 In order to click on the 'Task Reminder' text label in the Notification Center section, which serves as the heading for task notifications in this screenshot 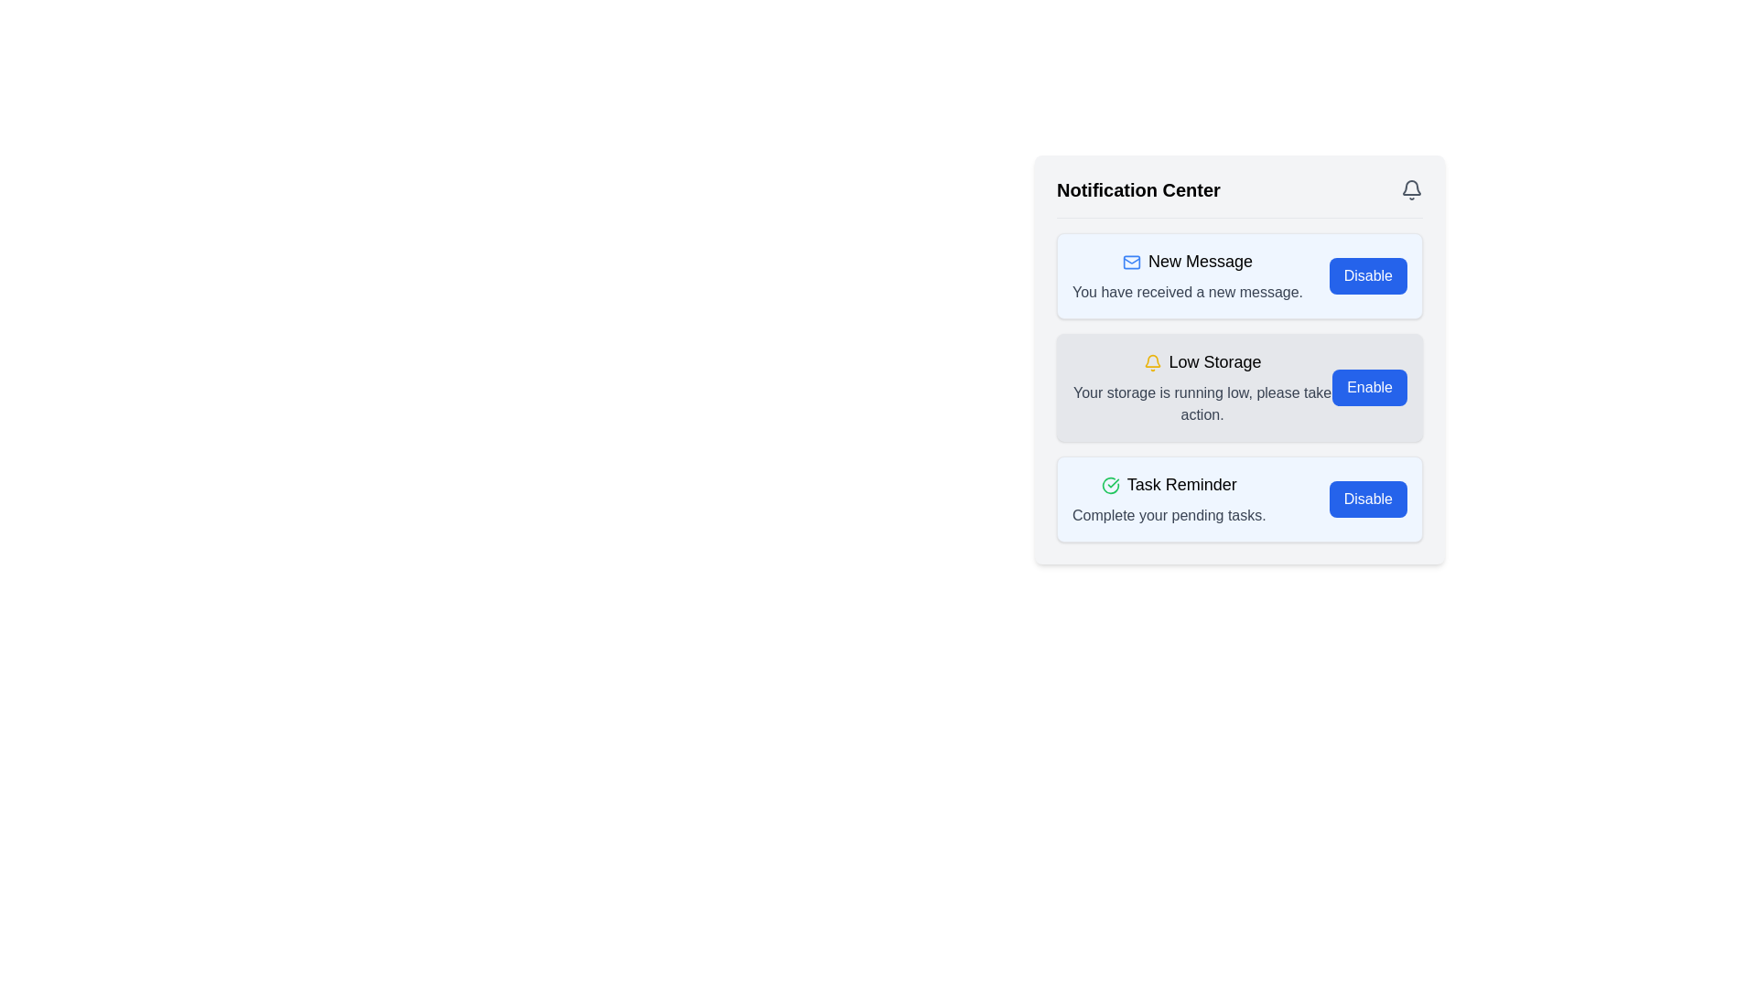, I will do `click(1168, 483)`.